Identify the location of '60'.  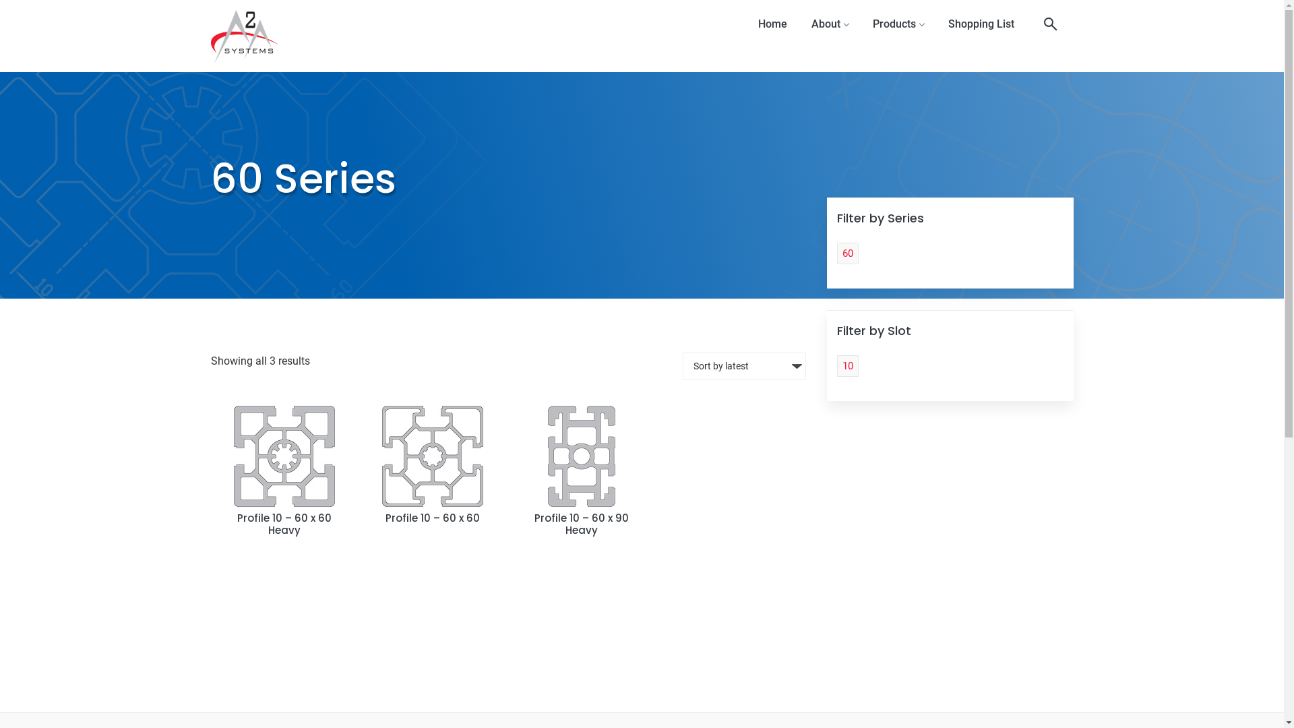
(846, 253).